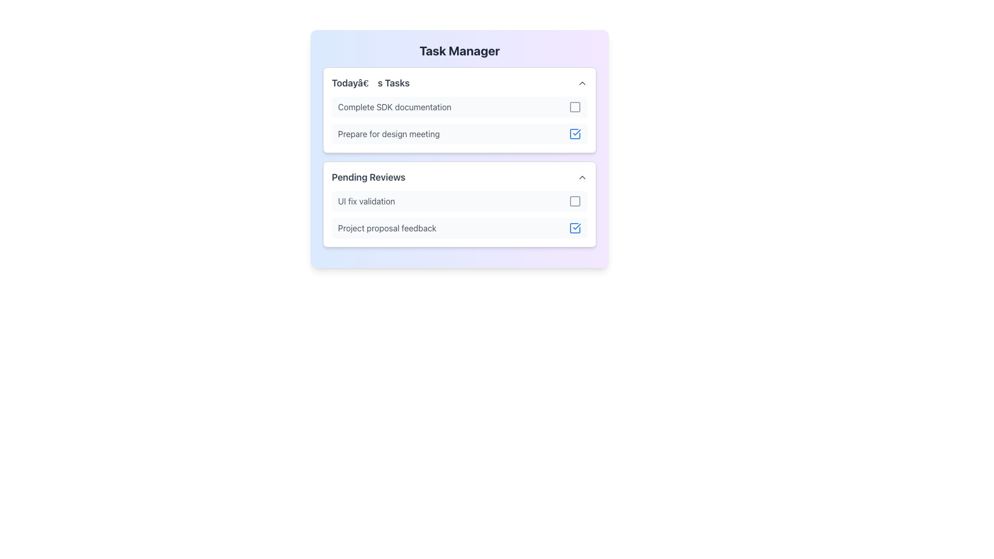 Image resolution: width=994 pixels, height=559 pixels. I want to click on the checkbox with a blue outline and a tick mark inside, located to the far-right of the text 'Prepare for design meeting' in the 'Today's Tasks' section, so click(574, 133).